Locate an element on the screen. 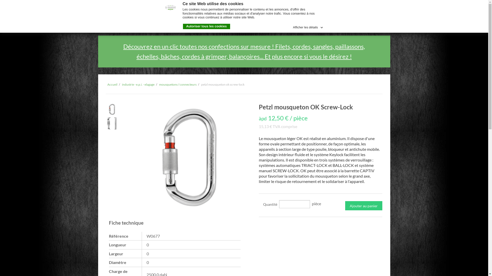  'Ajouter au panier' is located at coordinates (363, 205).